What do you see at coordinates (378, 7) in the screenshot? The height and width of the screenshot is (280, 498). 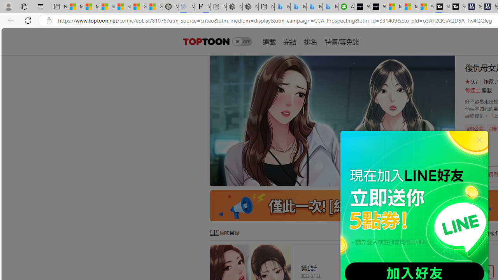 I see `'What'` at bounding box center [378, 7].